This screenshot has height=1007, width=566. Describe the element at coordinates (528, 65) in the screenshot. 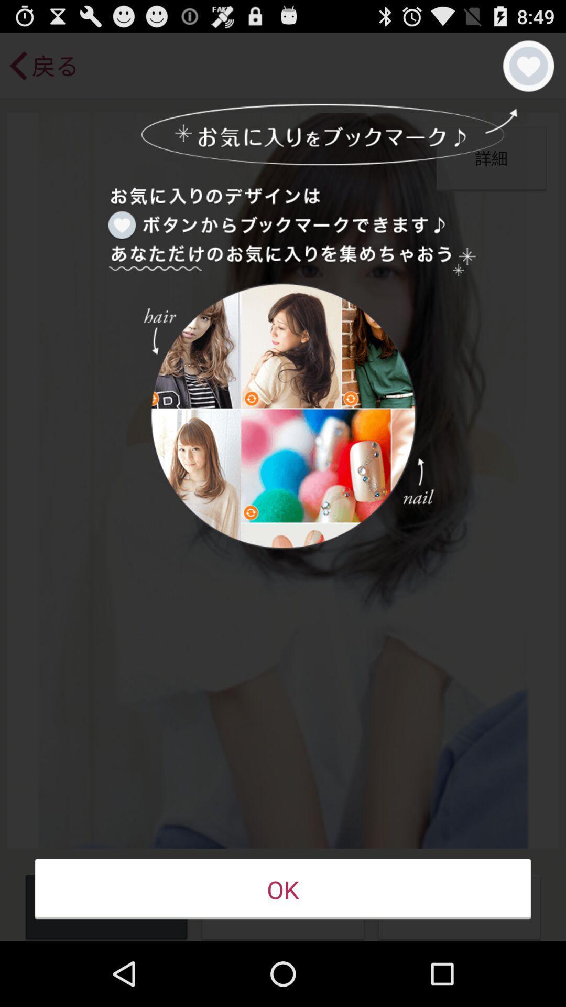

I see `the item at the top right corner` at that location.